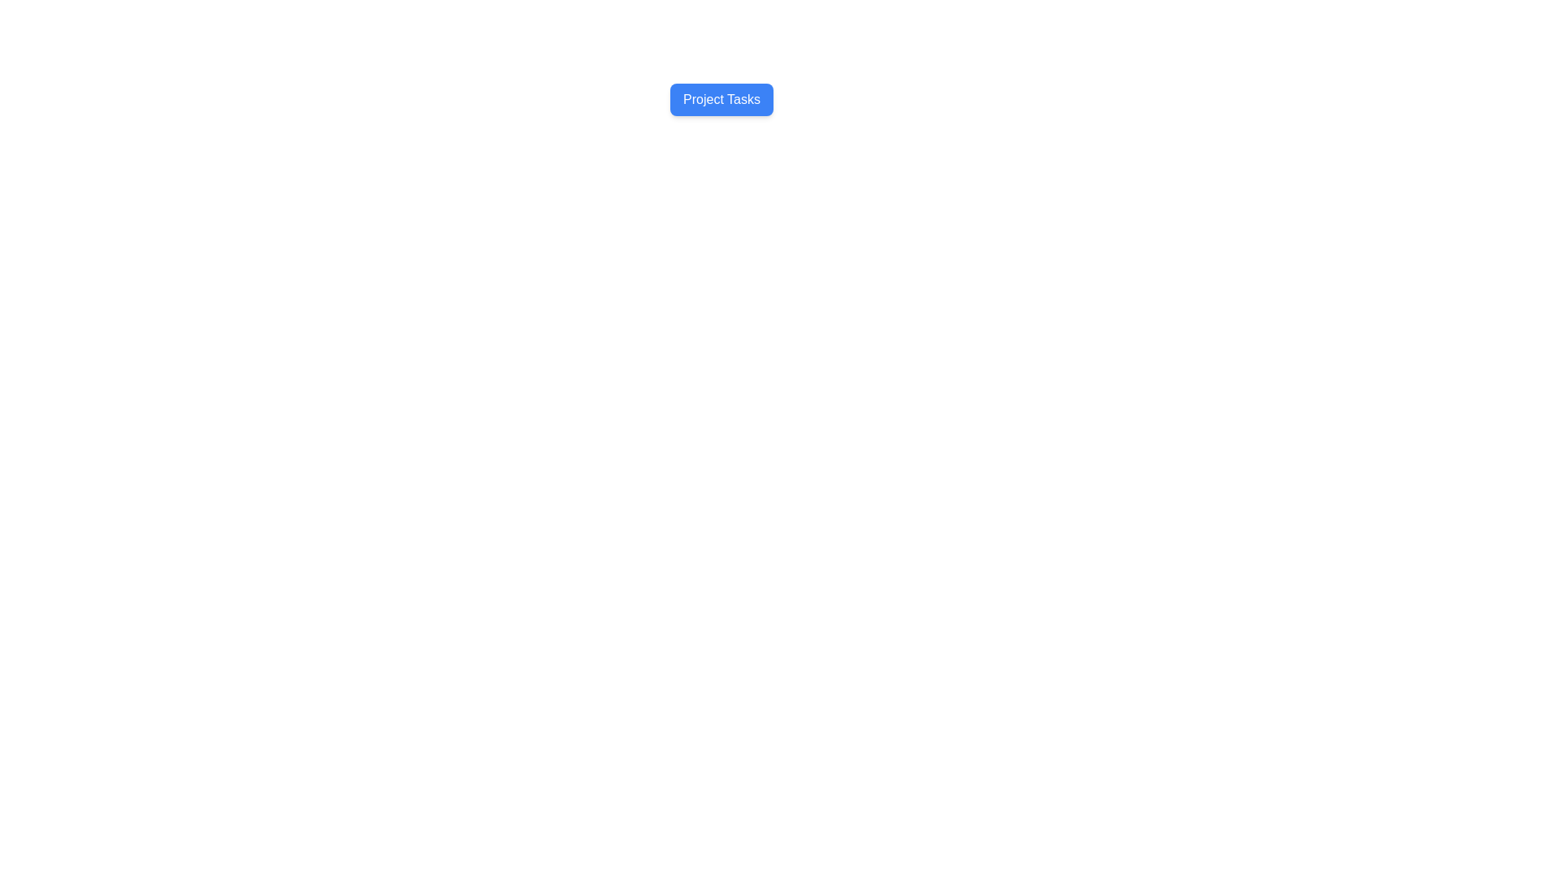  What do you see at coordinates (721, 100) in the screenshot?
I see `the rectangular button with rounded corners that has a vivid blue background and white text displaying 'Project Tasks'` at bounding box center [721, 100].